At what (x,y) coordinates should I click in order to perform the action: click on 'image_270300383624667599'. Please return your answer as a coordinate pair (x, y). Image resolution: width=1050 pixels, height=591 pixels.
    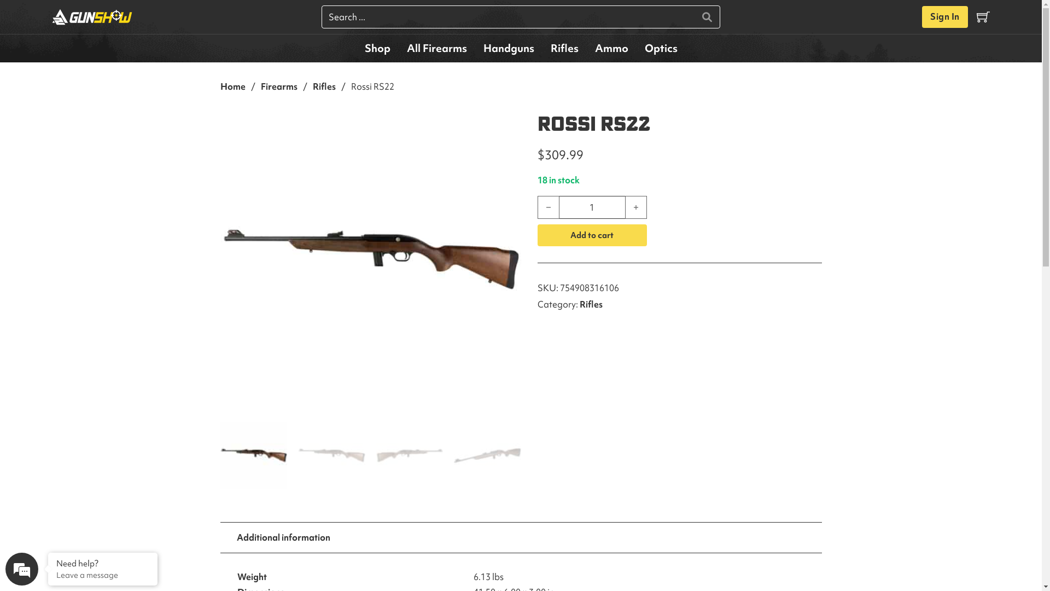
    Looking at the image, I should click on (370, 260).